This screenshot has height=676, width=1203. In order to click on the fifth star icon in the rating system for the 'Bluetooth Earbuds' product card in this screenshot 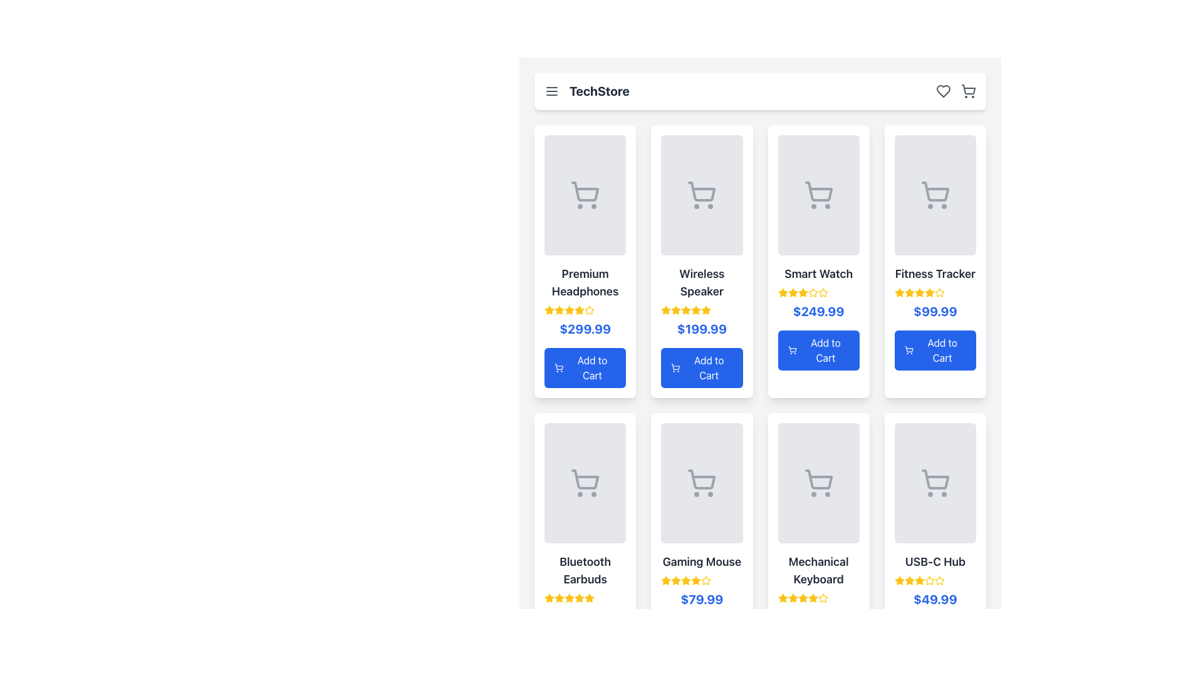, I will do `click(579, 598)`.